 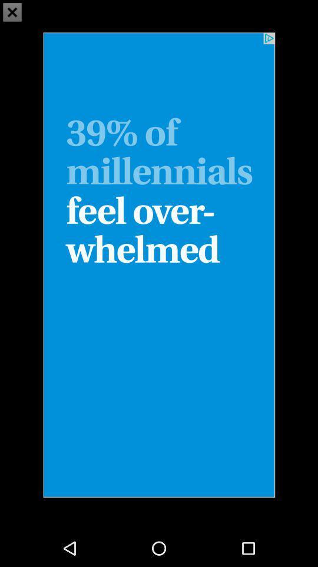 What do you see at coordinates (12, 12) in the screenshot?
I see `the close icon` at bounding box center [12, 12].